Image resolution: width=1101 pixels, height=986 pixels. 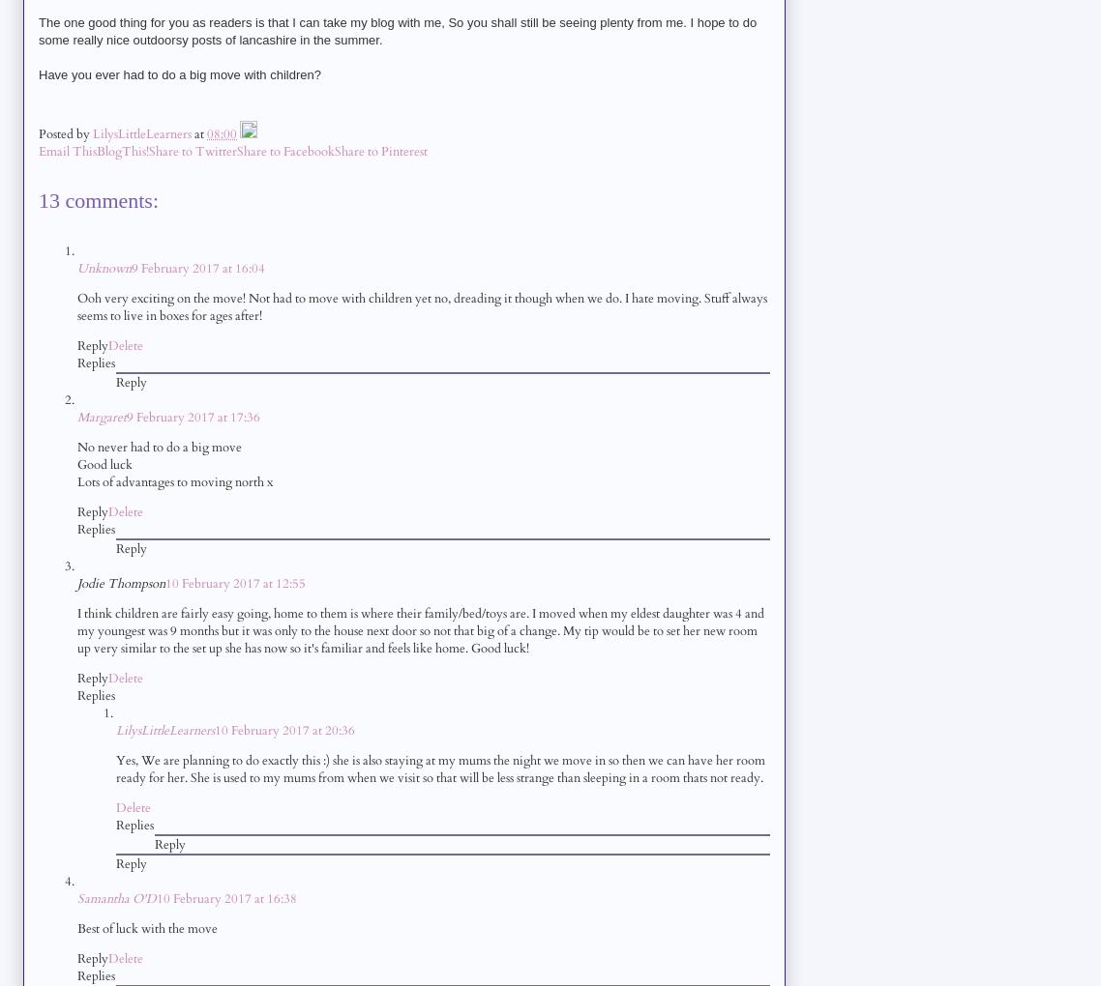 What do you see at coordinates (196, 267) in the screenshot?
I see `'9 February 2017 at 16:04'` at bounding box center [196, 267].